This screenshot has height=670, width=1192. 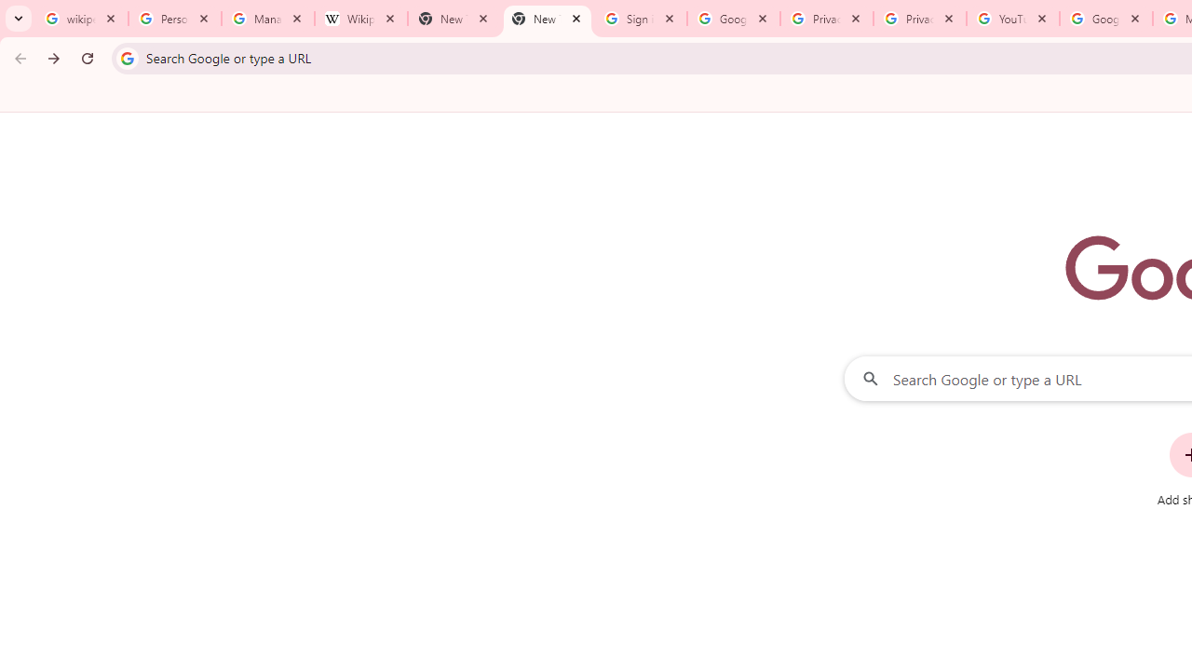 I want to click on 'Sign in - Google Accounts', so click(x=641, y=19).